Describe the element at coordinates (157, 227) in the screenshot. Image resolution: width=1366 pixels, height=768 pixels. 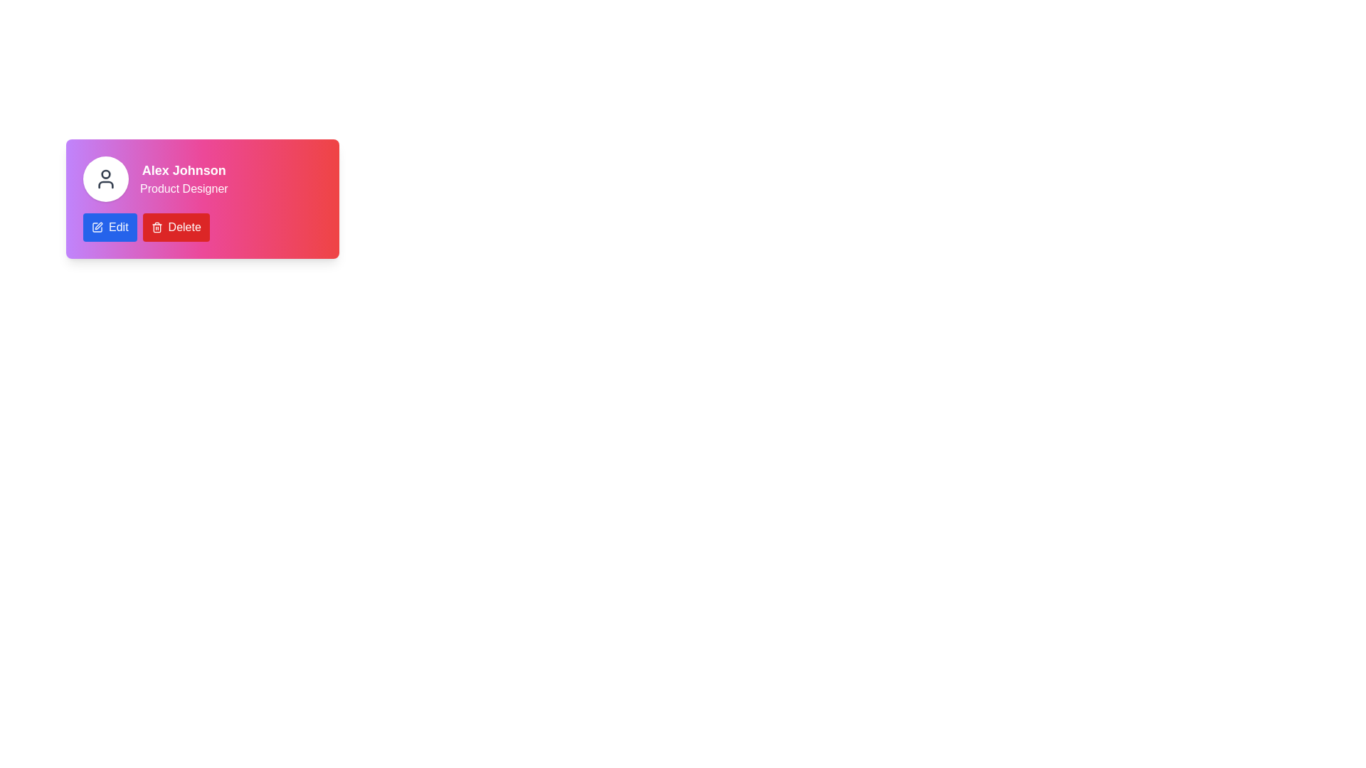
I see `the delete icon located at the leftmost part of the 'Delete' button, which is situated at the bottom right of the user information card` at that location.